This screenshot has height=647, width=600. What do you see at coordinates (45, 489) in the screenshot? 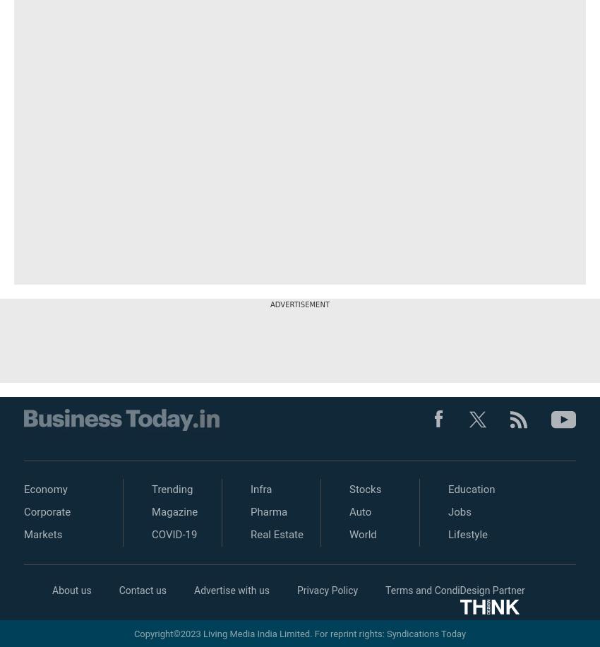
I see `'Economy'` at bounding box center [45, 489].